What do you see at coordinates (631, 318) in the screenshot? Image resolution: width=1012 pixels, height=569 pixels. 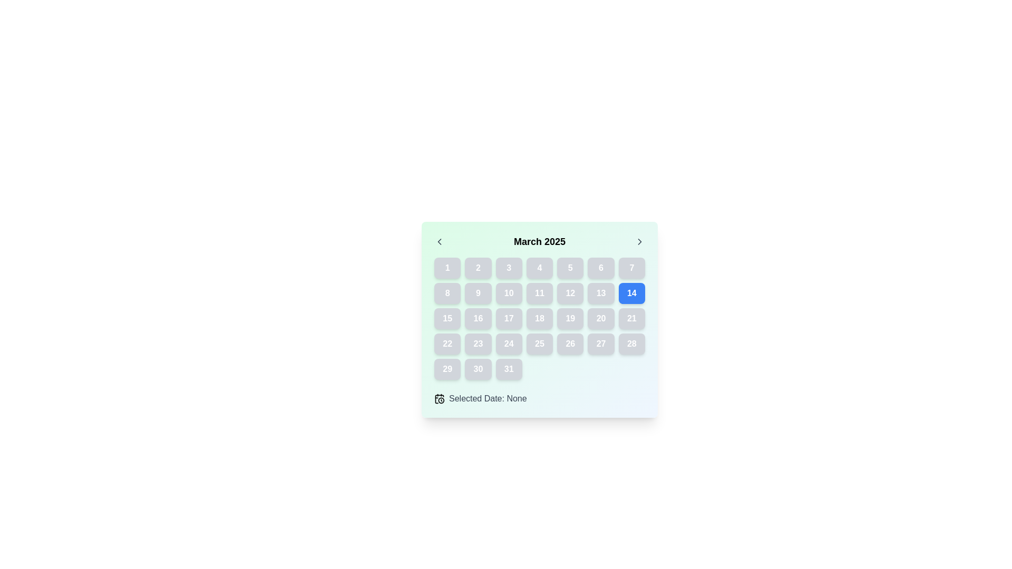 I see `the interactive button representing the date '21' in the calendar grid` at bounding box center [631, 318].